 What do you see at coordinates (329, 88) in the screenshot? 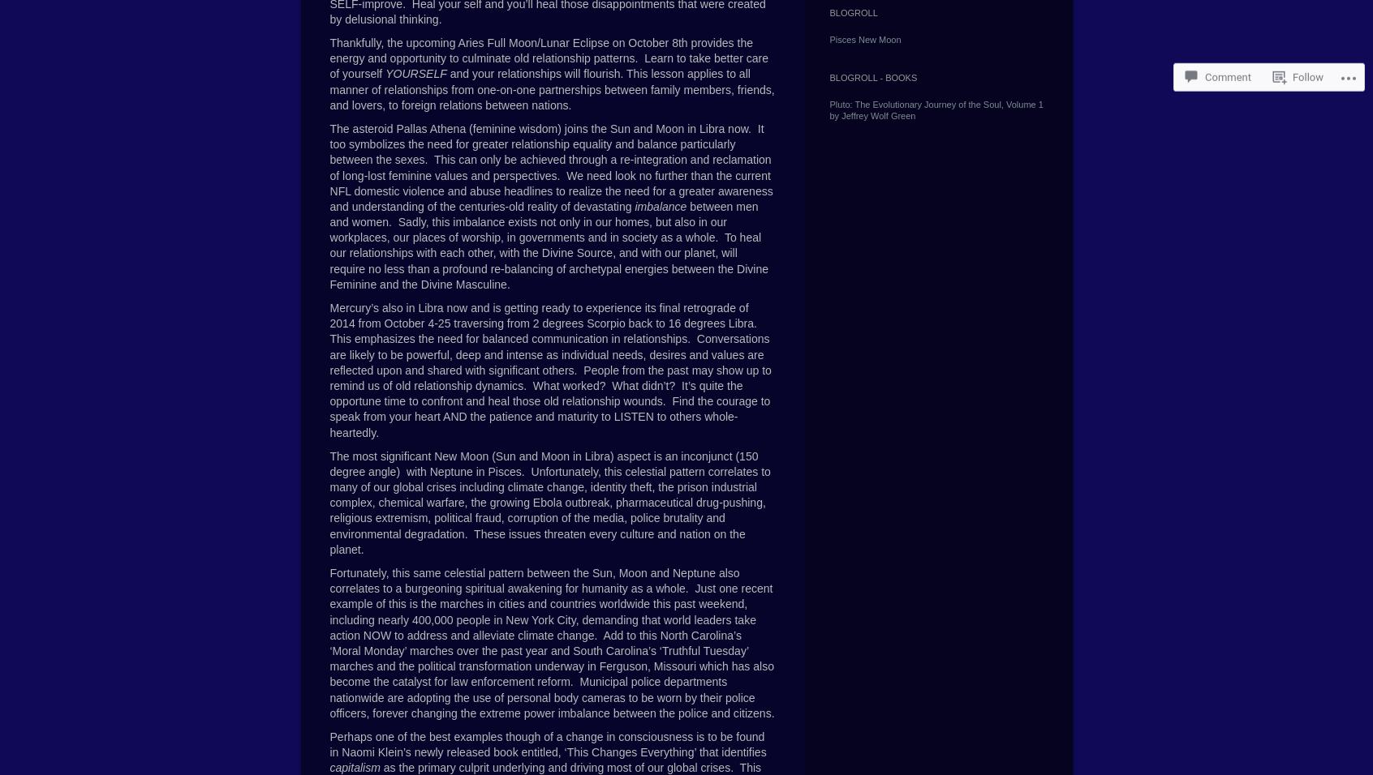
I see `'and your relationships will flourish. This lesson applies to all manner of relationships from one-on-one partnerships between family members, friends, and lovers, to foreign relations between nations.'` at bounding box center [329, 88].